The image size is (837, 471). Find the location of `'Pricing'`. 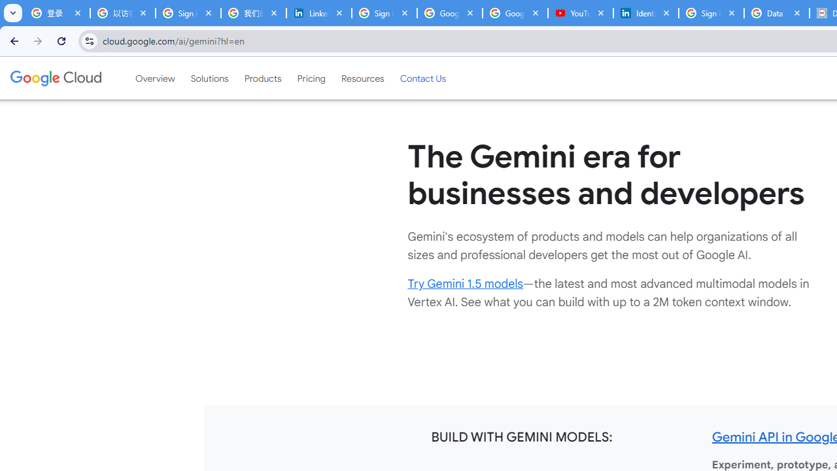

'Pricing' is located at coordinates (311, 78).